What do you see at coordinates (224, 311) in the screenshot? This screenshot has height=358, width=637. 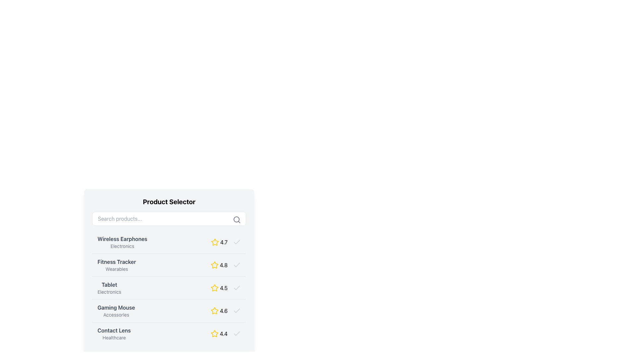 I see `the numeric rating value text label for the 'Gaming Mouse' item, which is located to the immediate right of a yellow star icon, in order to copy it` at bounding box center [224, 311].